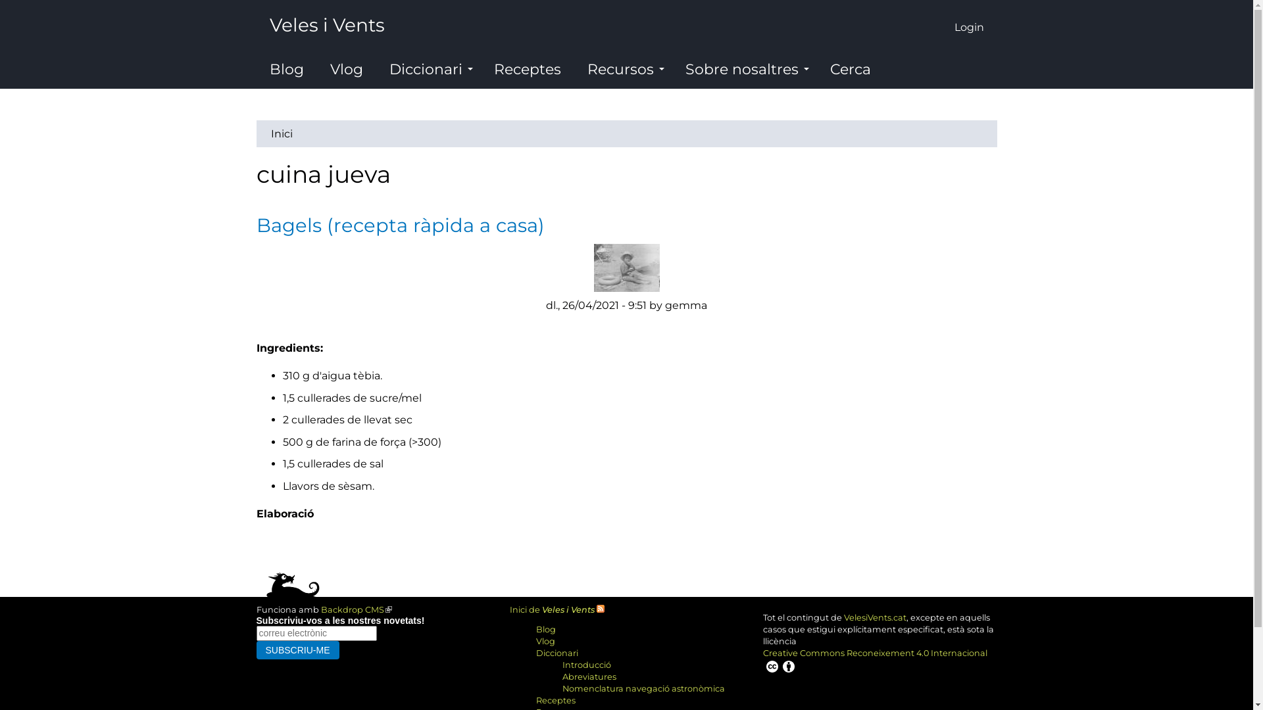  Describe the element at coordinates (545, 640) in the screenshot. I see `'Vlog'` at that location.